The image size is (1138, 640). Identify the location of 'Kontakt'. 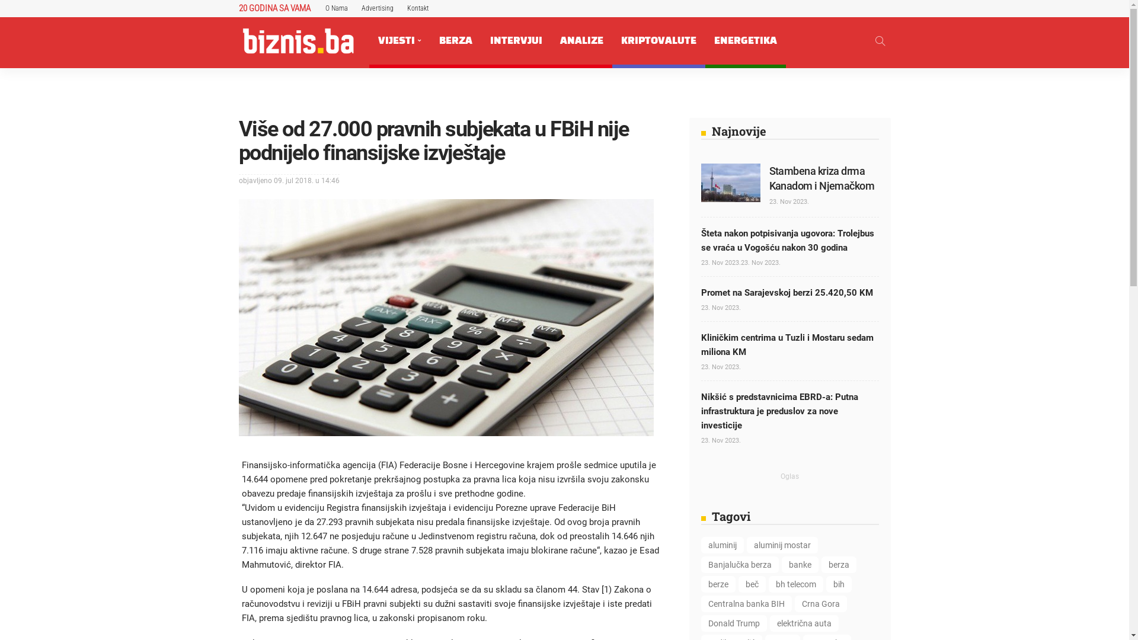
(417, 8).